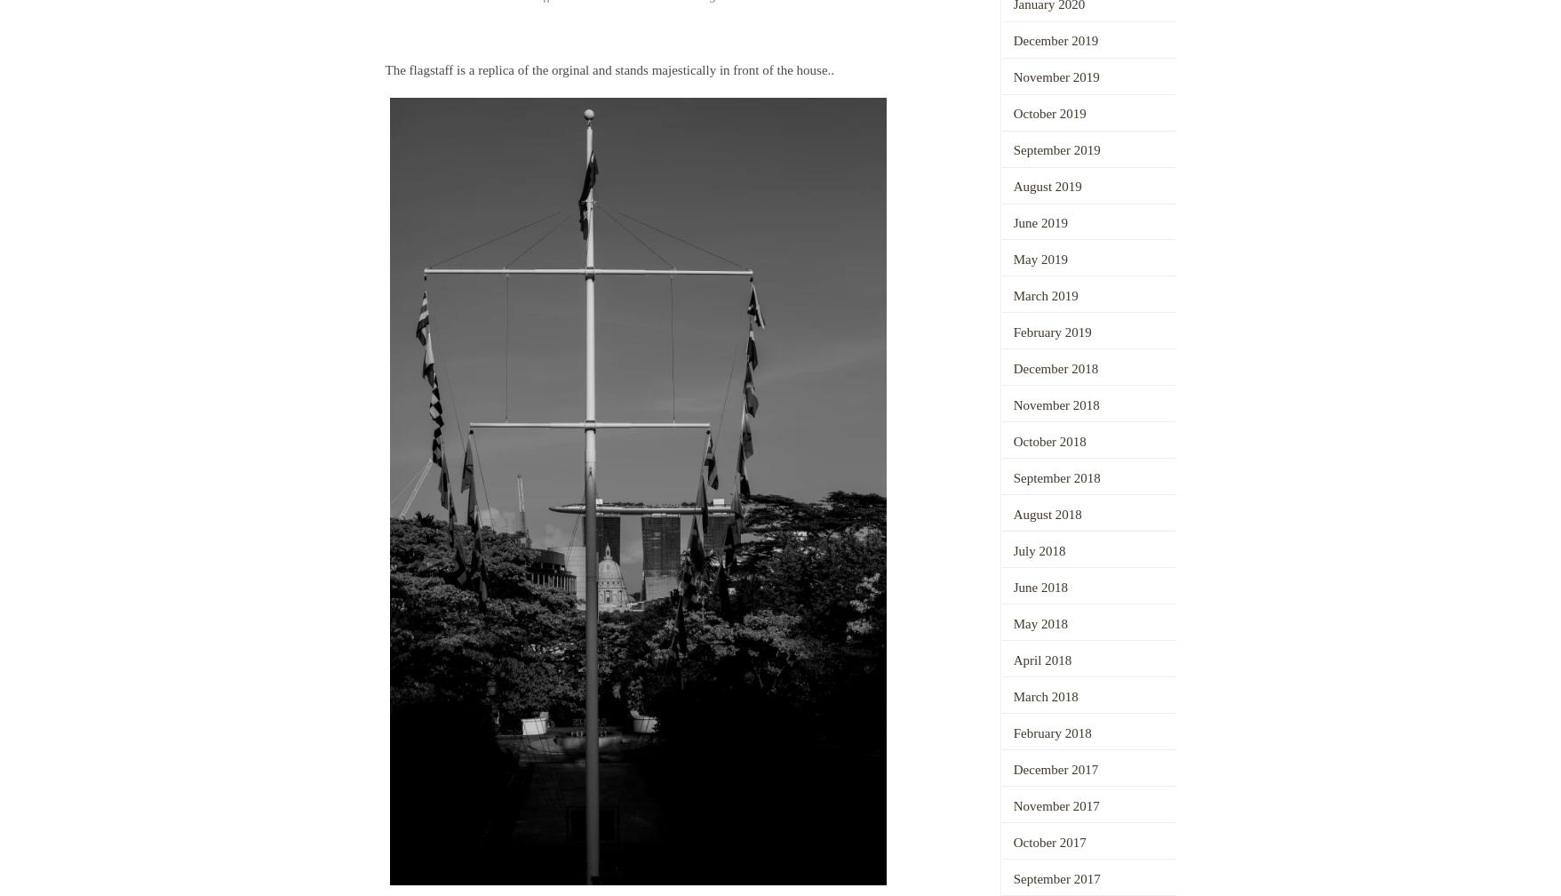  I want to click on 'March 2019', so click(1011, 296).